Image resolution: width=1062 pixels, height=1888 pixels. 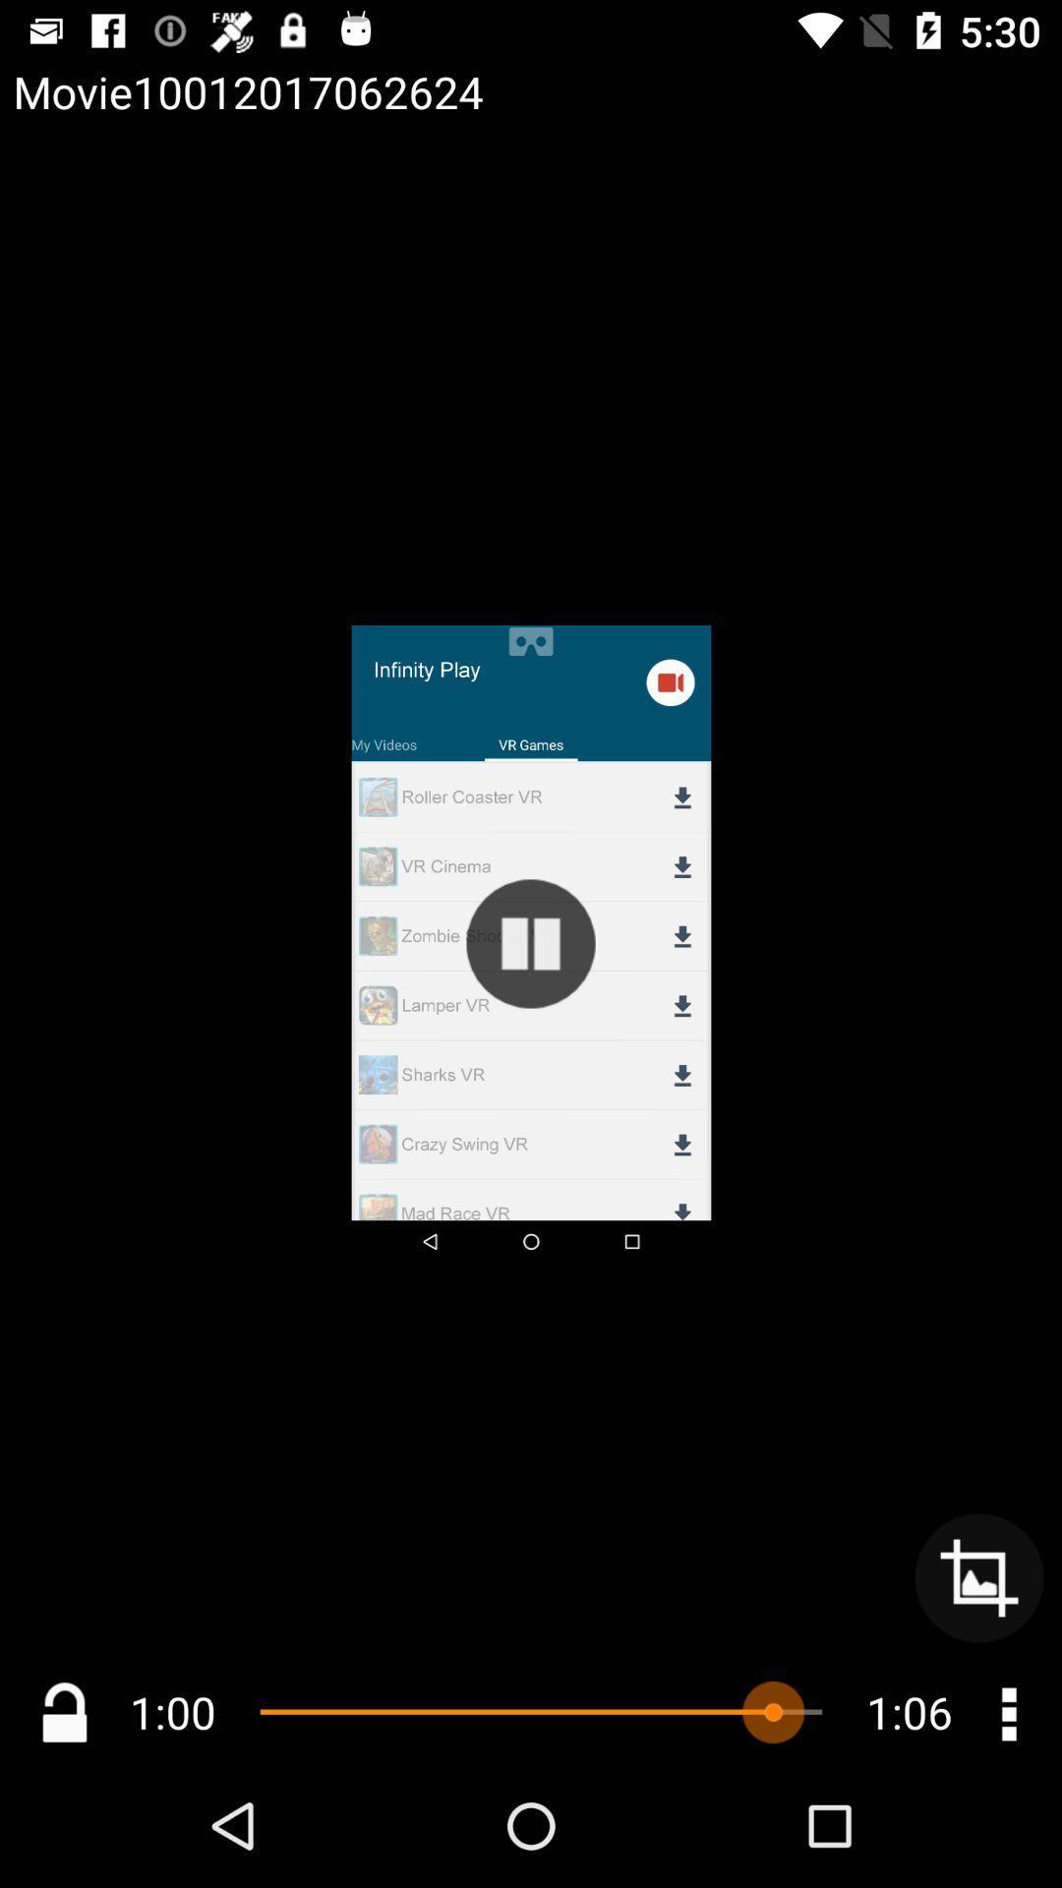 I want to click on this is button to pause the video, so click(x=531, y=944).